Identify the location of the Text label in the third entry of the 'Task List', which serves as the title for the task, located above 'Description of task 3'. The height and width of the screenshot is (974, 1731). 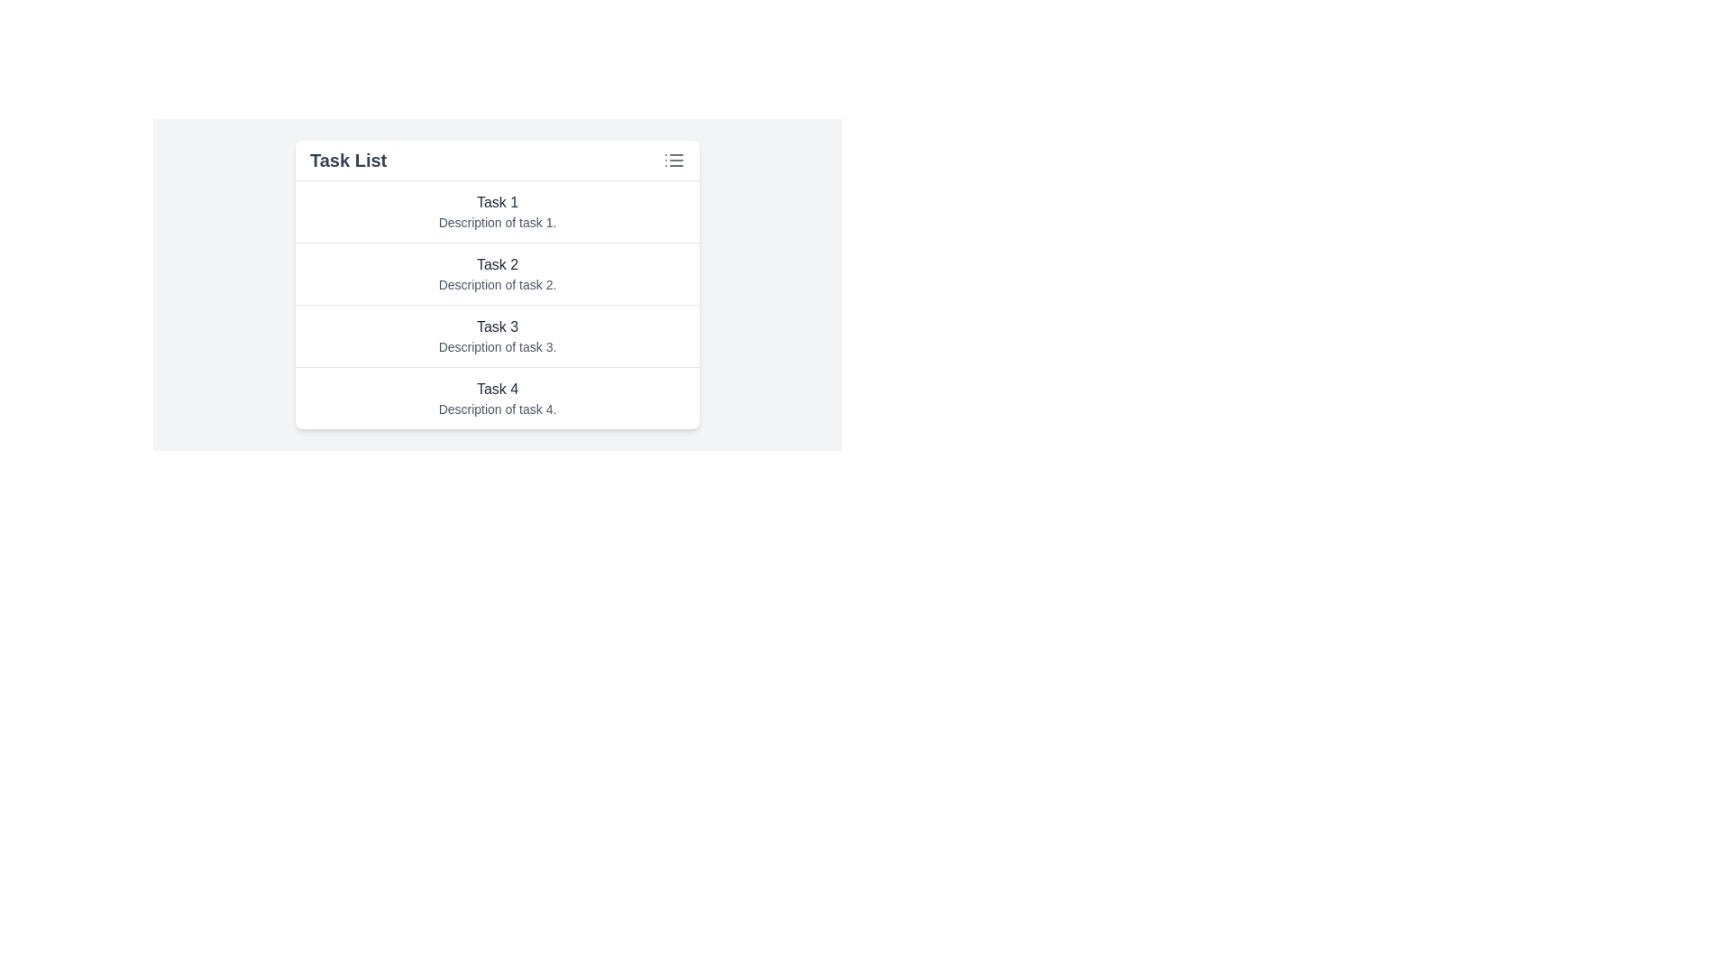
(498, 326).